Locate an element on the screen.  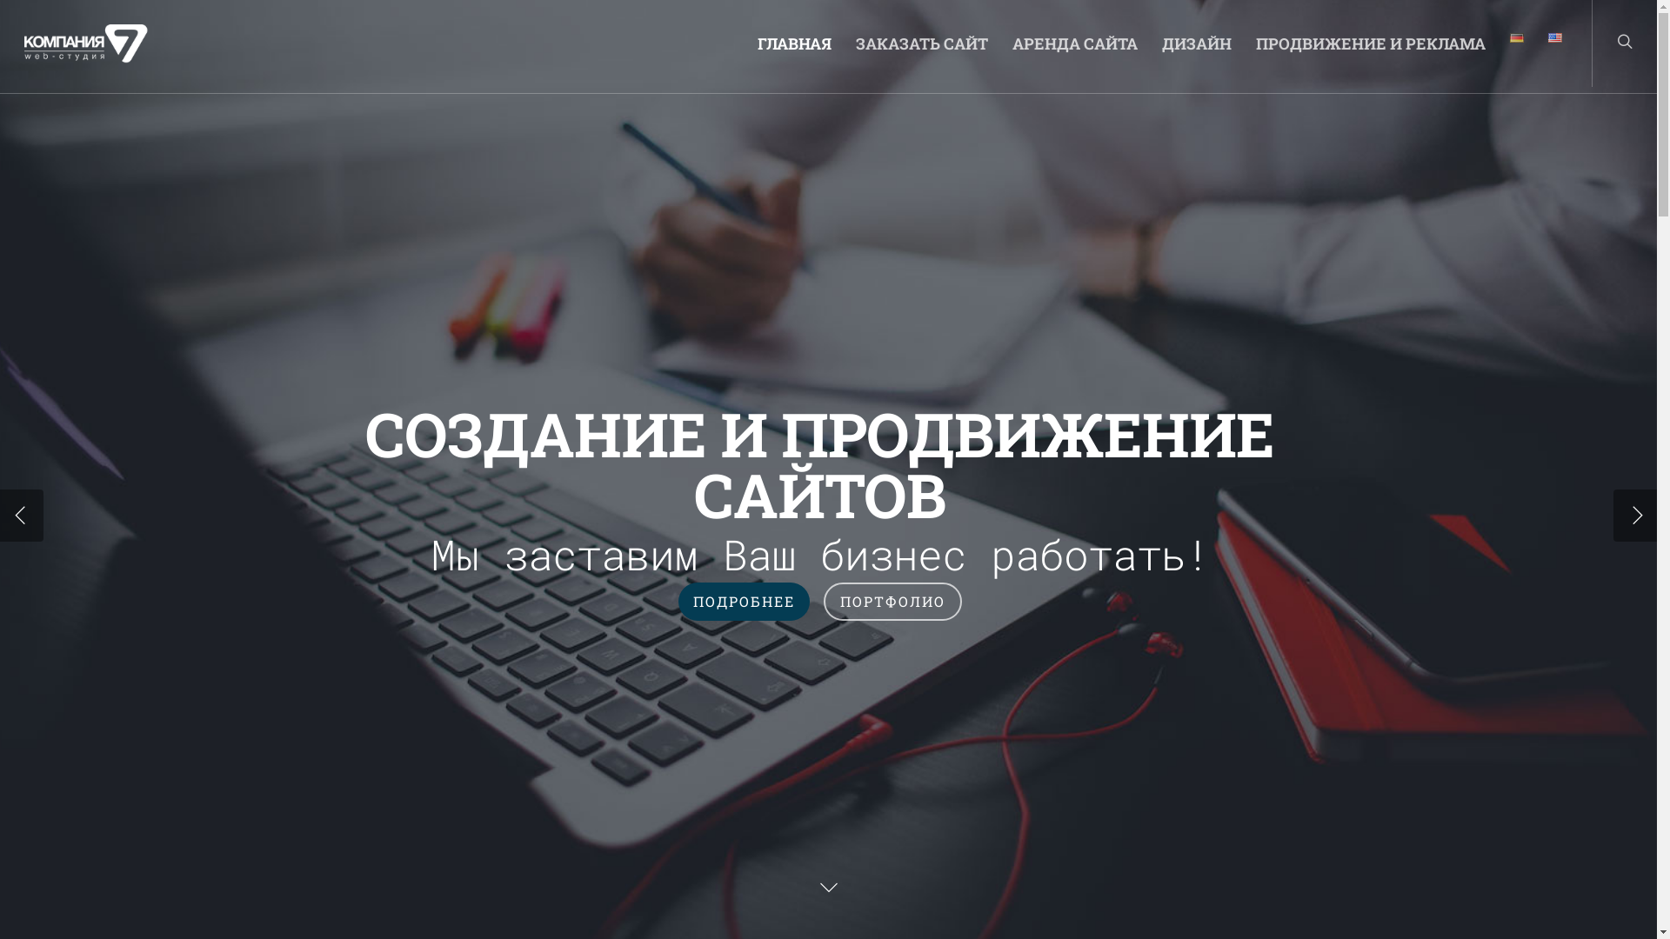
'Deutsch' is located at coordinates (1515, 37).